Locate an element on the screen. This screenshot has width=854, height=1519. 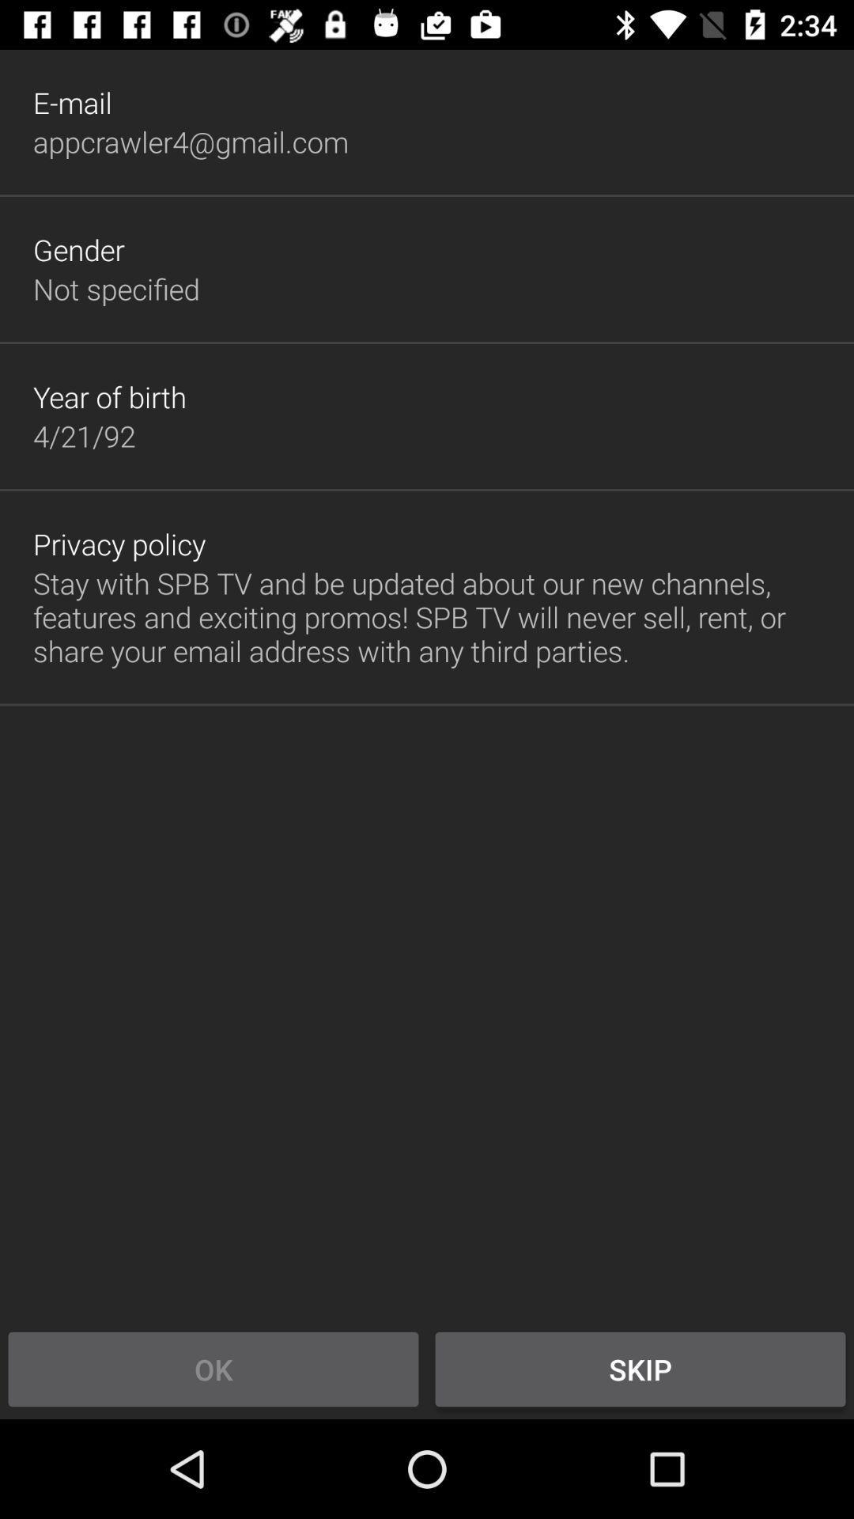
appcrawler4@gmail.com is located at coordinates (190, 142).